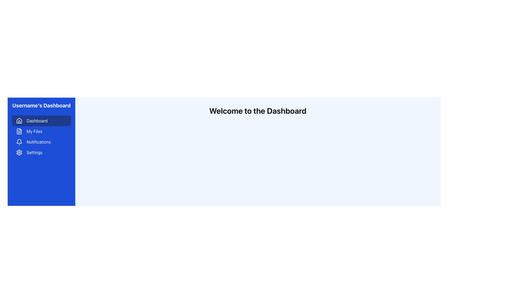  I want to click on the notifications icon located in the left sidebar, below the bell's clapper, so click(19, 141).